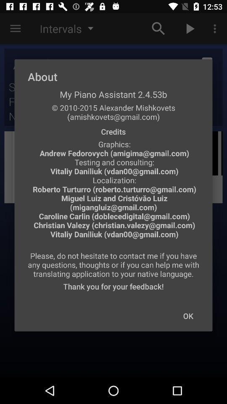 This screenshot has width=227, height=404. I want to click on the icon at the bottom right corner, so click(188, 315).